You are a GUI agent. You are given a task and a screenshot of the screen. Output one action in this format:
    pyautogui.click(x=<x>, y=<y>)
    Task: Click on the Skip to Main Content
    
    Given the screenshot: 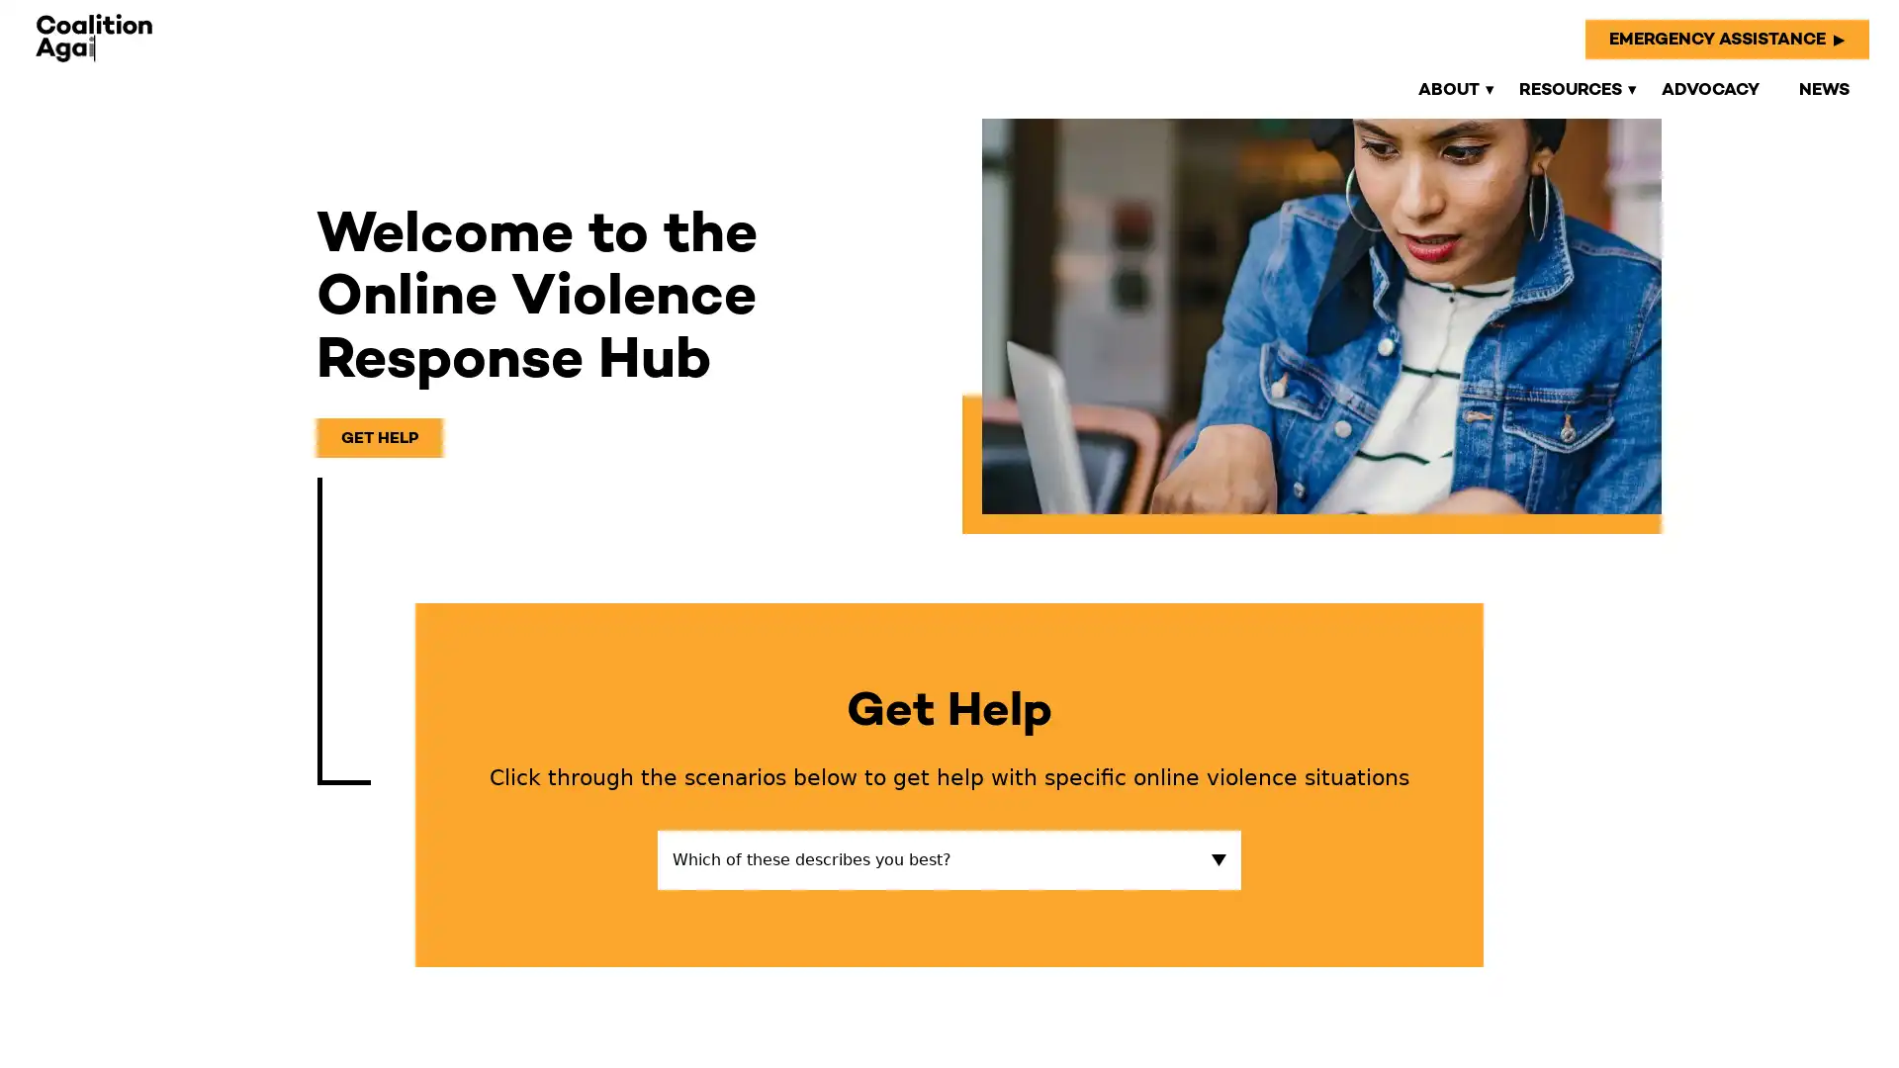 What is the action you would take?
    pyautogui.click(x=20, y=20)
    